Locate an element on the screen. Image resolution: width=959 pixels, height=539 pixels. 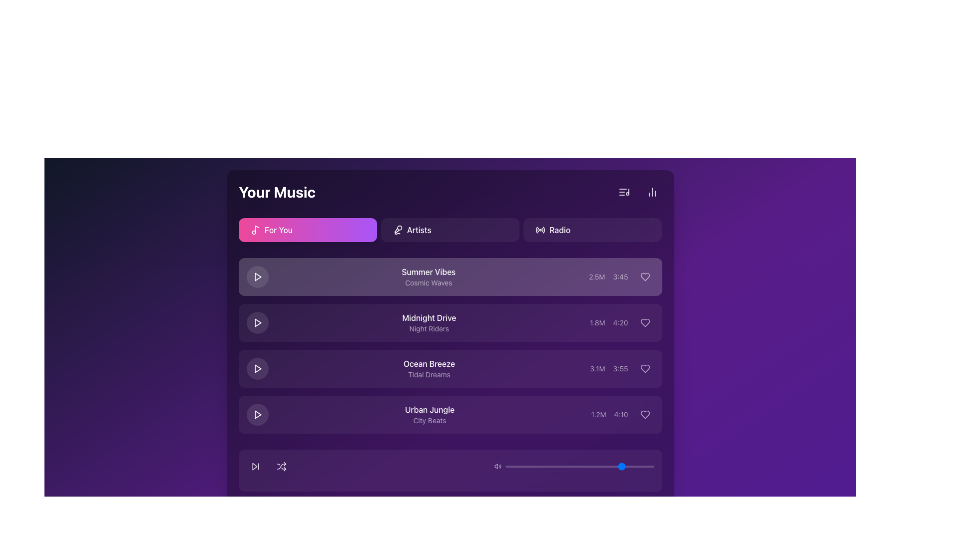
the text label displaying '3:55' in light purple color, located within the 'Ocean Breeze' playlist entry is located at coordinates (620, 369).